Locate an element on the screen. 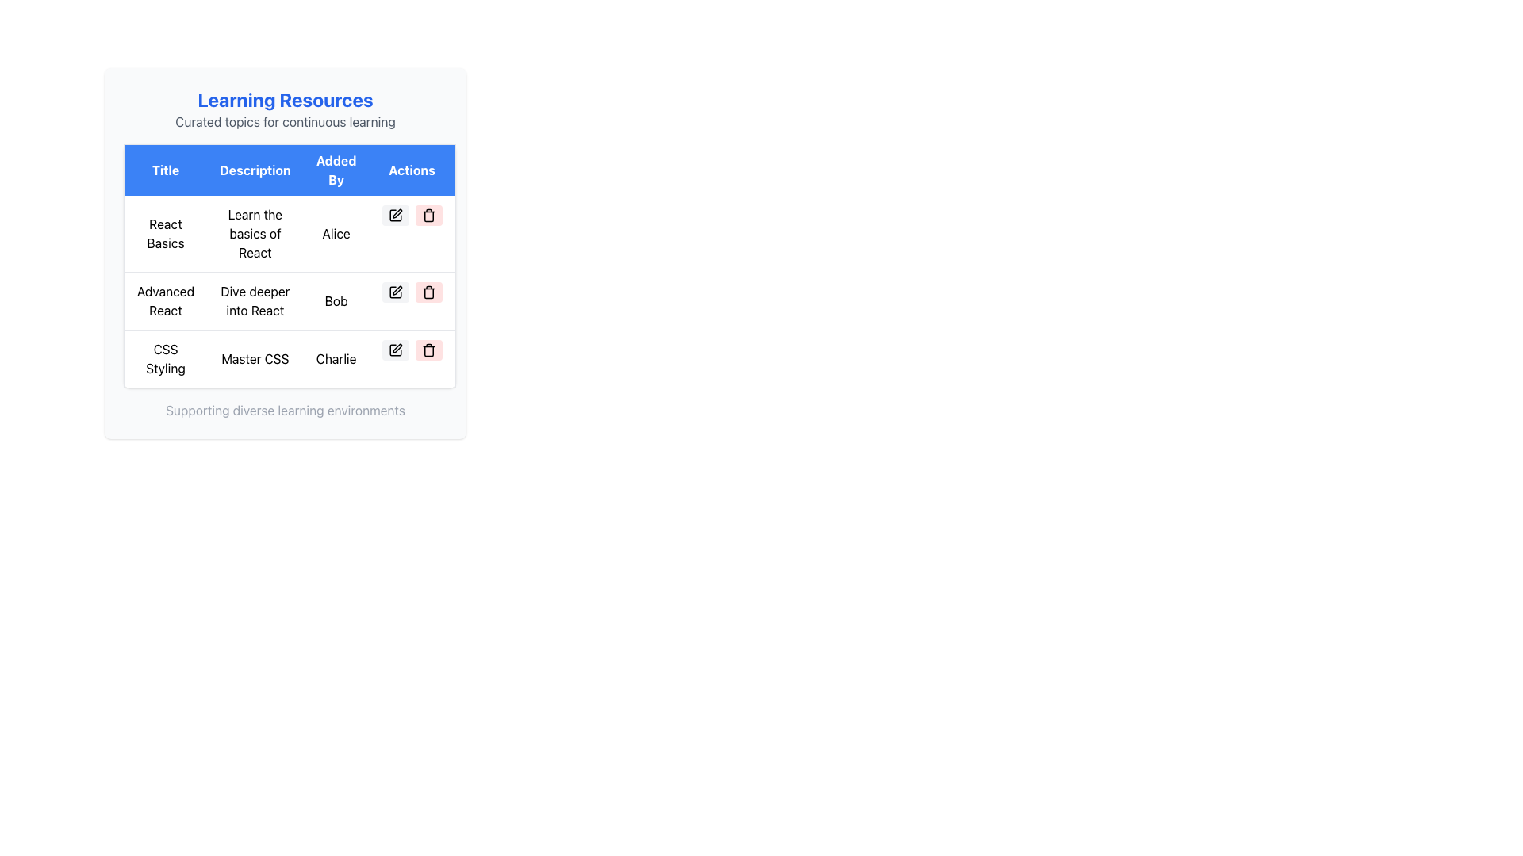  the text label that serves as the first column header indicating titles in the table's header row is located at coordinates (165, 170).